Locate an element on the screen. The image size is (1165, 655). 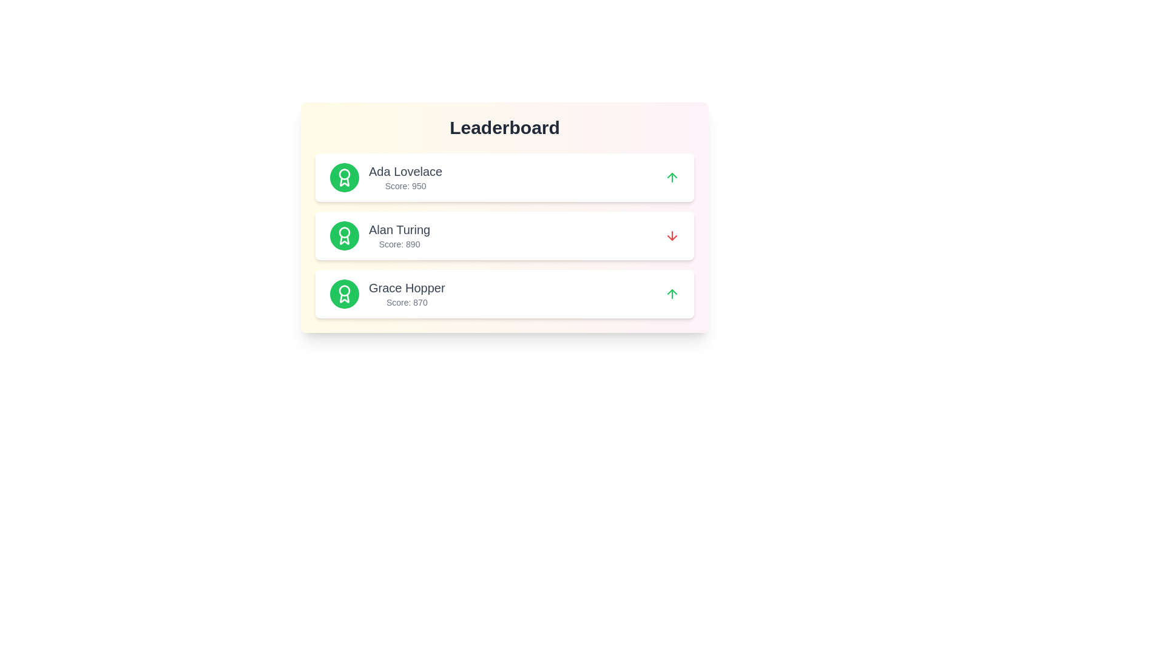
the leaderboard entry for Ada Lovelace is located at coordinates (504, 178).